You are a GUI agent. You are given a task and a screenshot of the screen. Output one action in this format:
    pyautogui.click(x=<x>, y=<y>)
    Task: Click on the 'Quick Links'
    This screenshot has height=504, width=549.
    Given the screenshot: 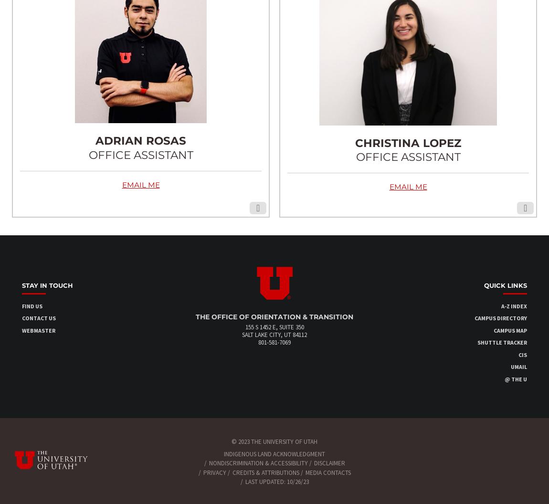 What is the action you would take?
    pyautogui.click(x=506, y=285)
    